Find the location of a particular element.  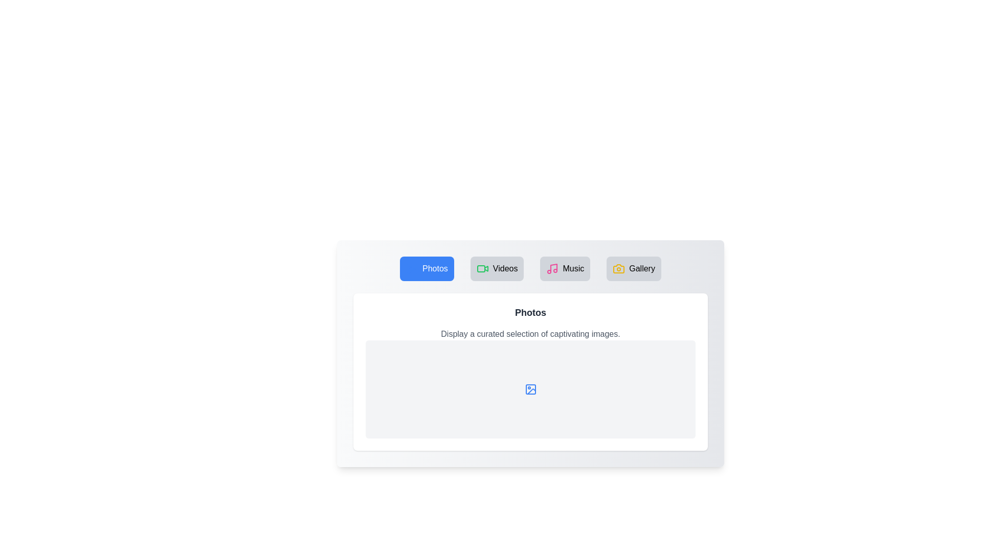

the tab labeled Music to view its content is located at coordinates (565, 268).